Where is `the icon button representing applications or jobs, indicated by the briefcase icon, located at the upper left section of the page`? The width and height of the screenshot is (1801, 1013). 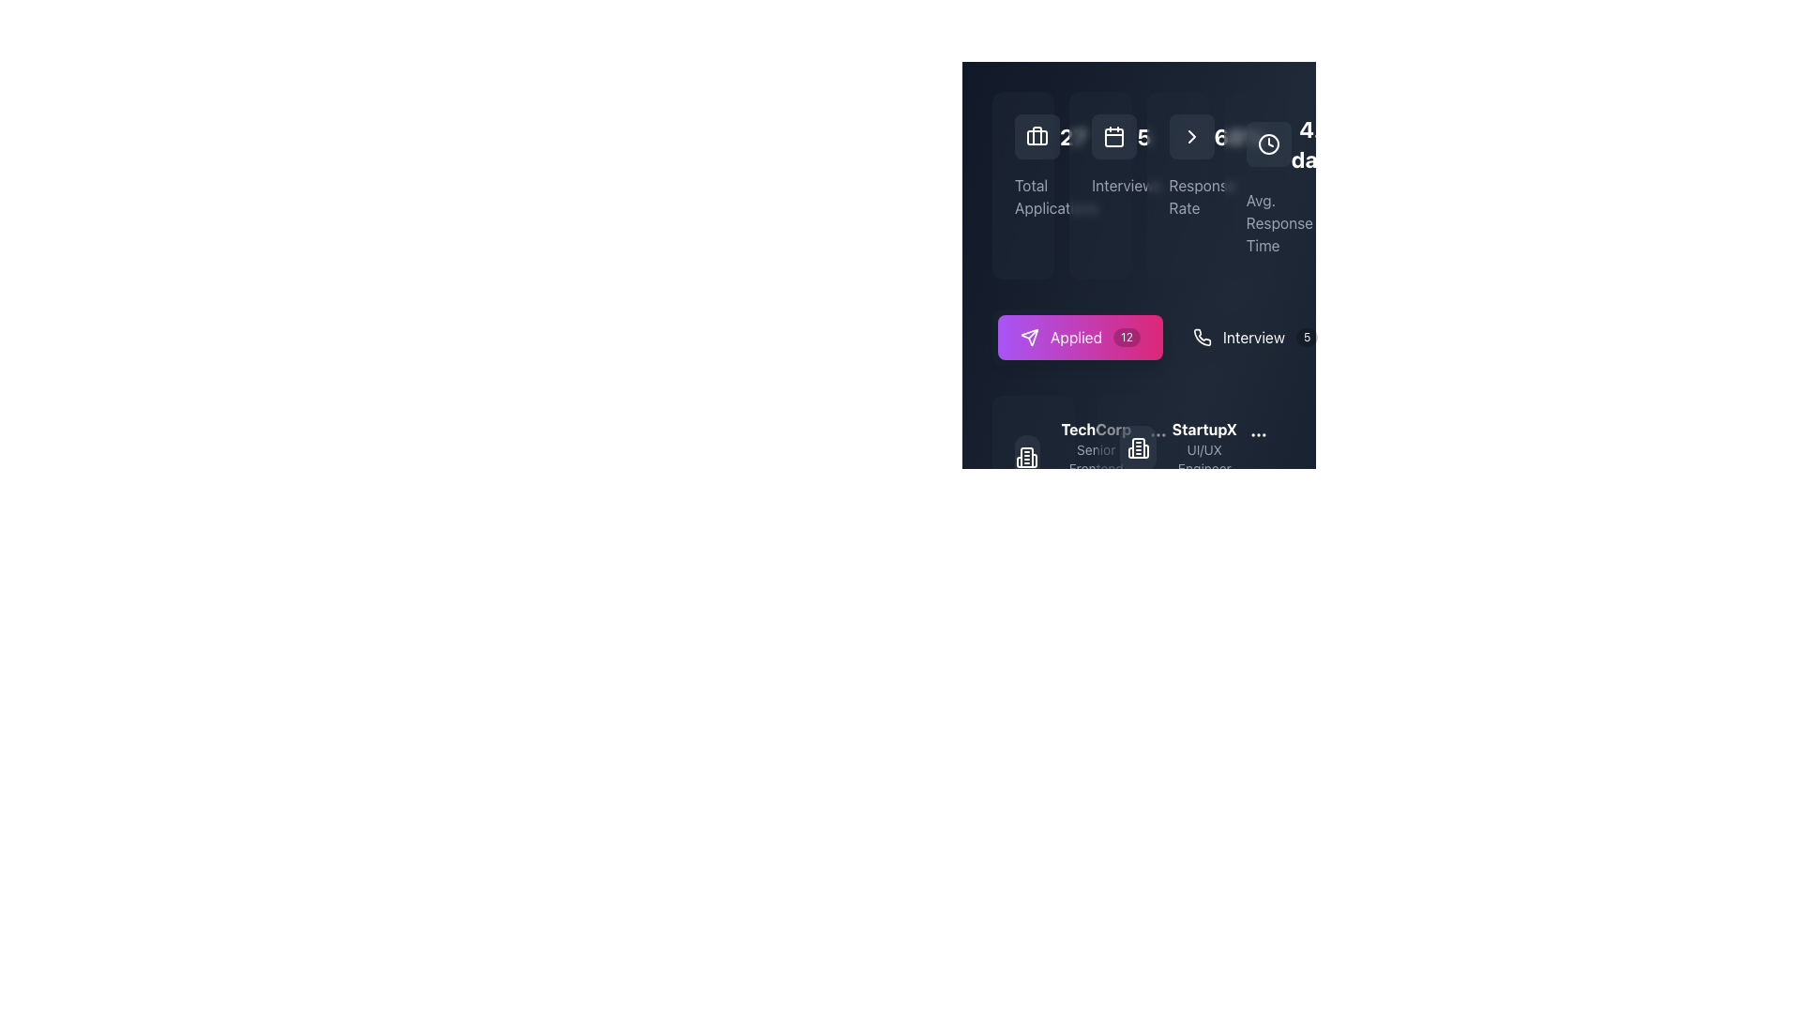
the icon button representing applications or jobs, indicated by the briefcase icon, located at the upper left section of the page is located at coordinates (1036, 136).